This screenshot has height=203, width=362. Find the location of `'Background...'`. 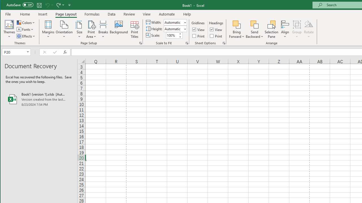

'Background...' is located at coordinates (118, 29).